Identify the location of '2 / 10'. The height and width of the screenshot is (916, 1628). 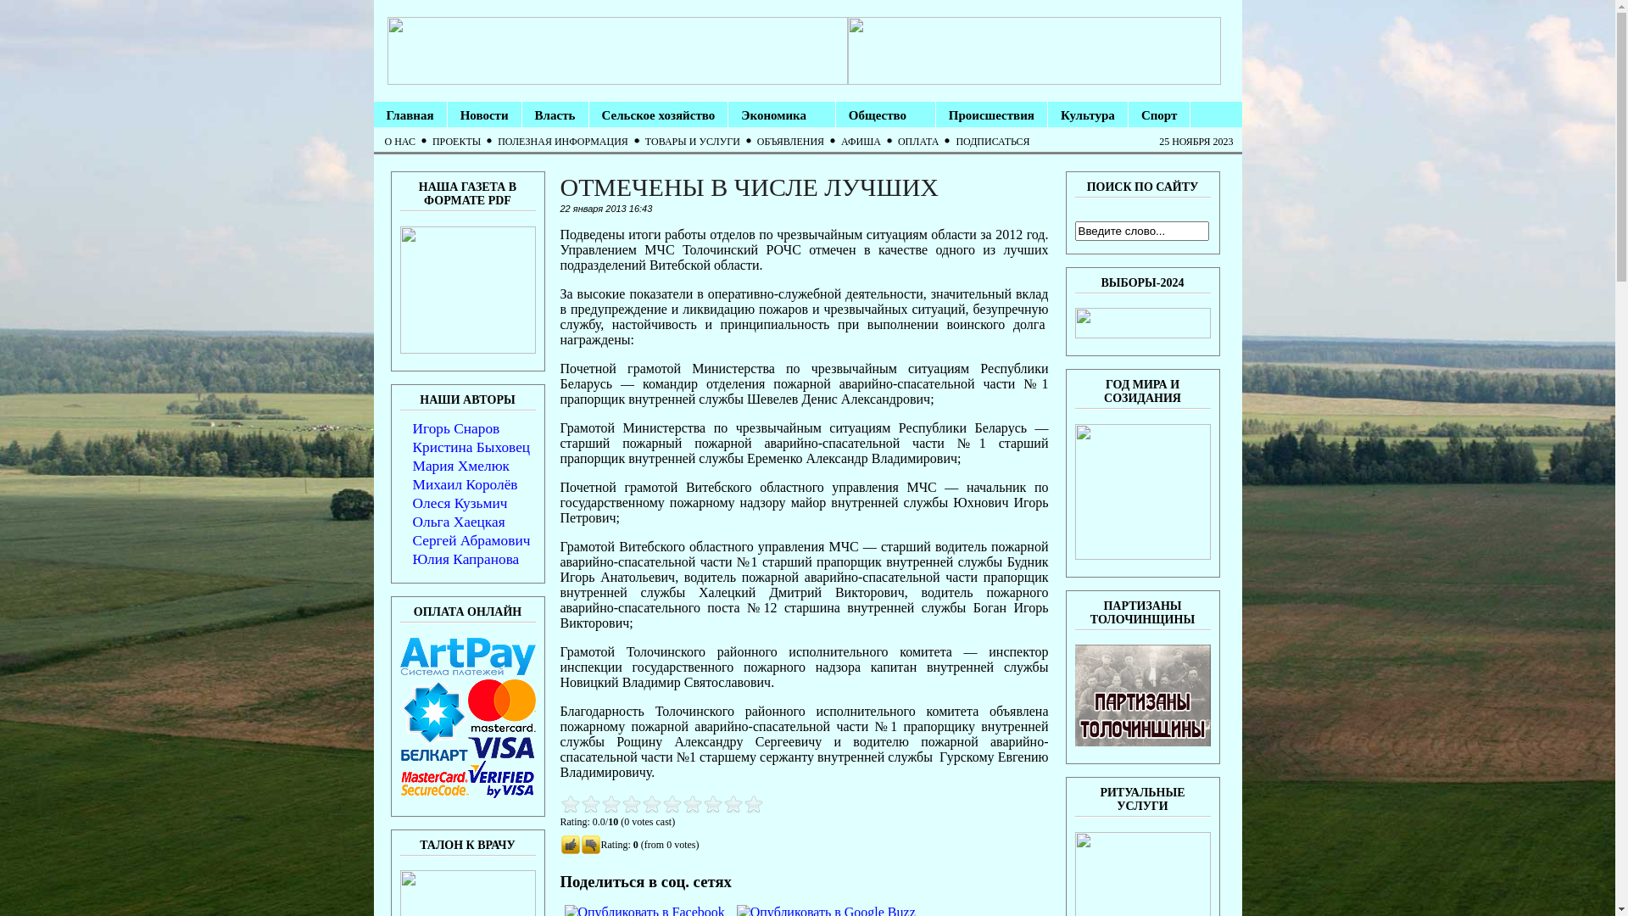
(580, 803).